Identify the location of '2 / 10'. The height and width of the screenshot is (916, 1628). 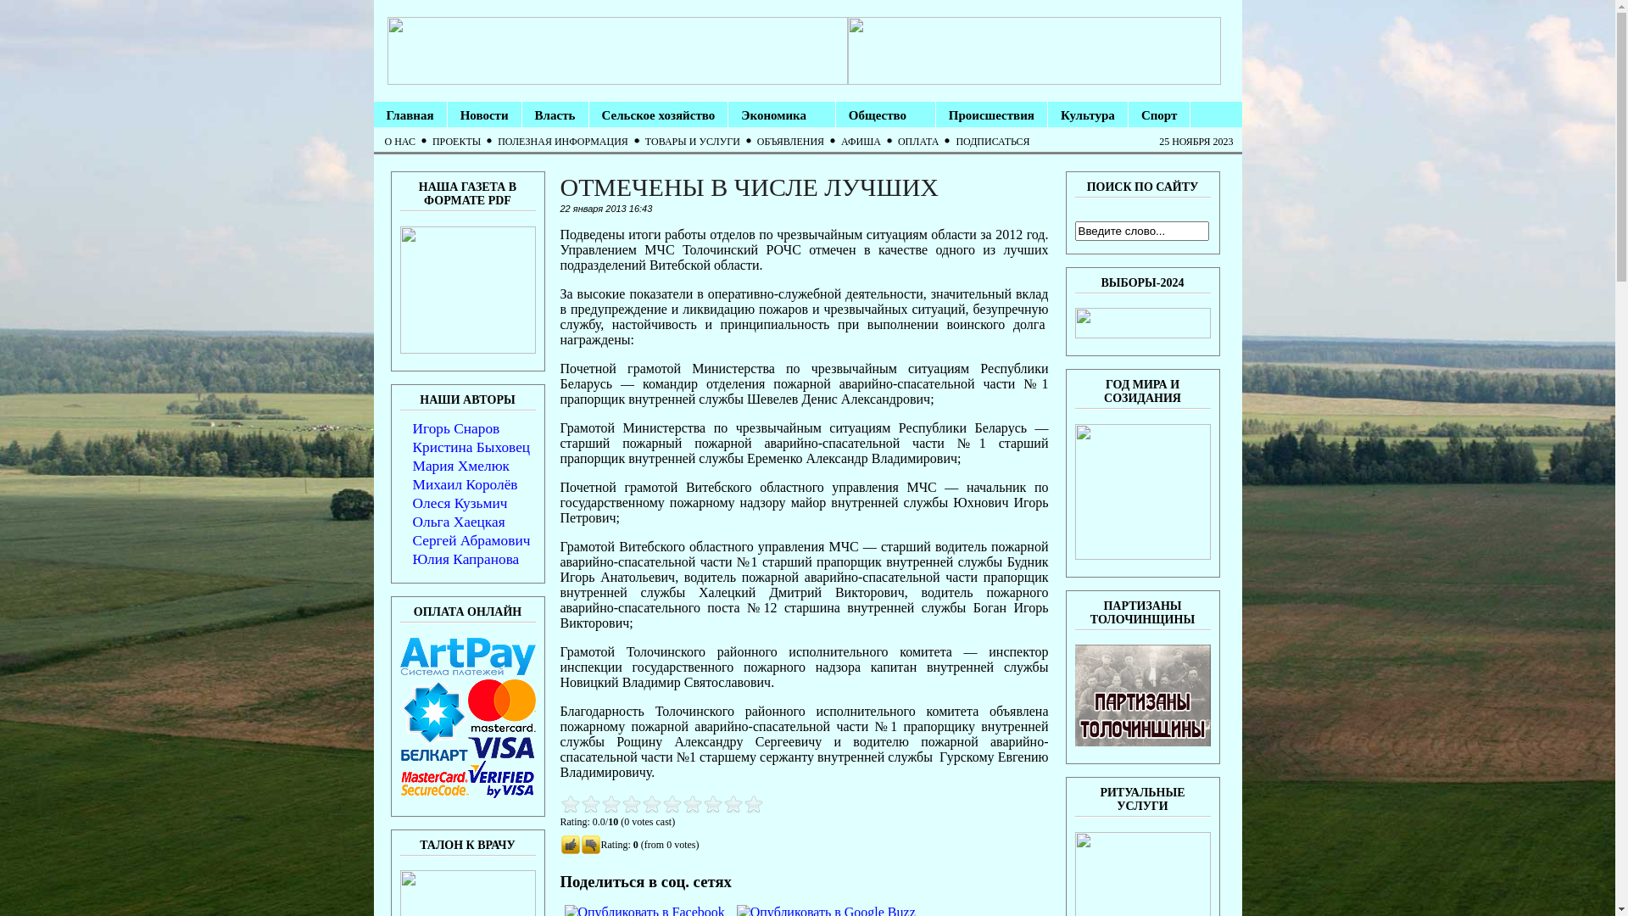
(580, 803).